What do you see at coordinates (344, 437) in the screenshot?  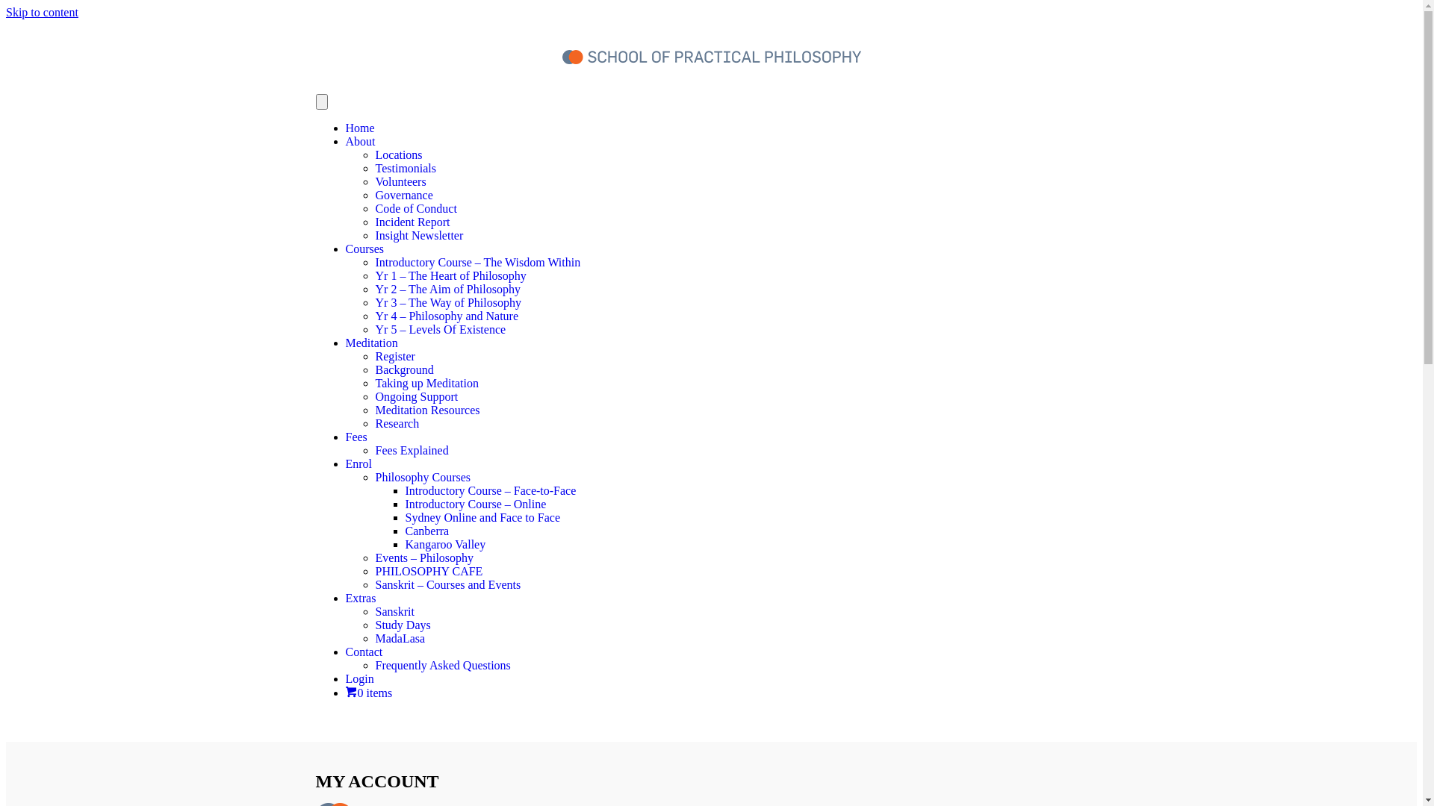 I see `'Fees'` at bounding box center [344, 437].